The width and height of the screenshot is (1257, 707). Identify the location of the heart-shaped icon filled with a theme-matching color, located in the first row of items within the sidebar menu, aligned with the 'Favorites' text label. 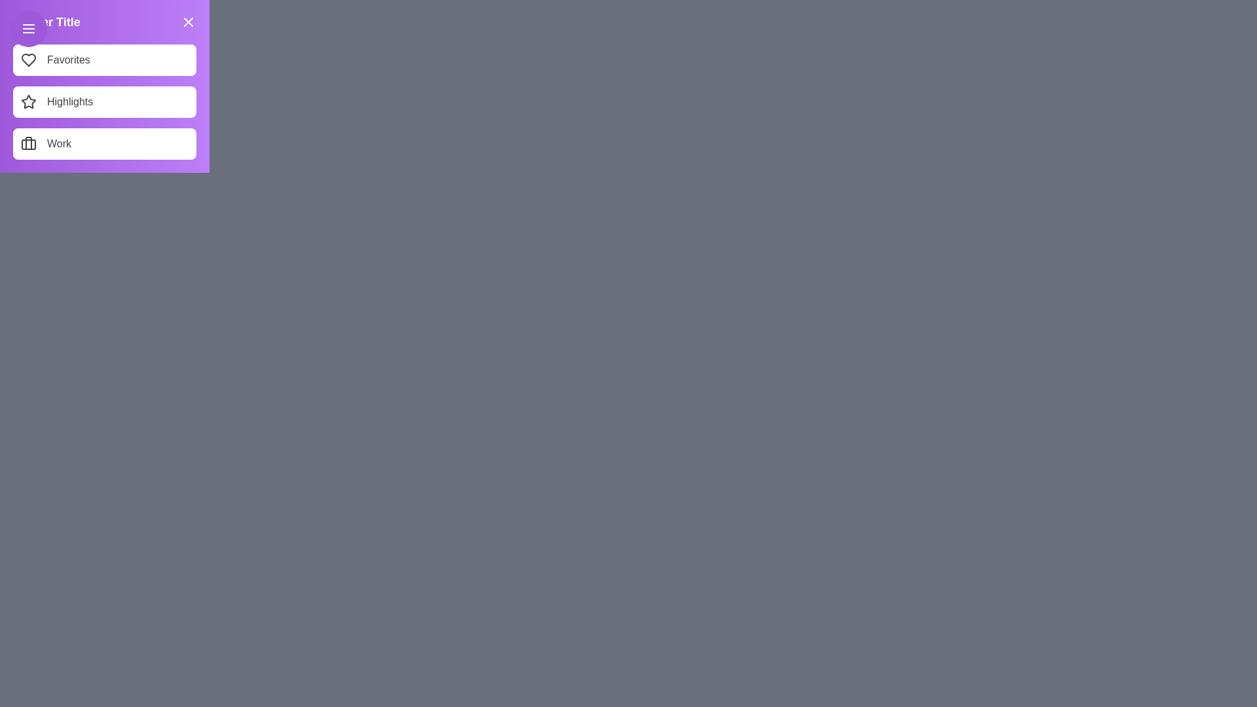
(28, 60).